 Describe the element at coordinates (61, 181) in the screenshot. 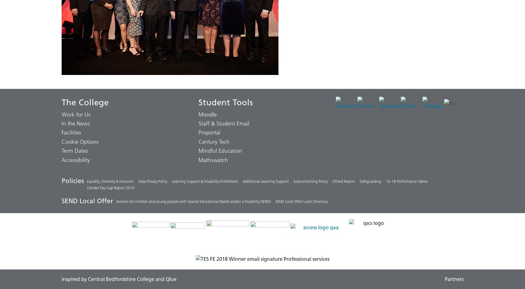

I see `'Policies'` at that location.